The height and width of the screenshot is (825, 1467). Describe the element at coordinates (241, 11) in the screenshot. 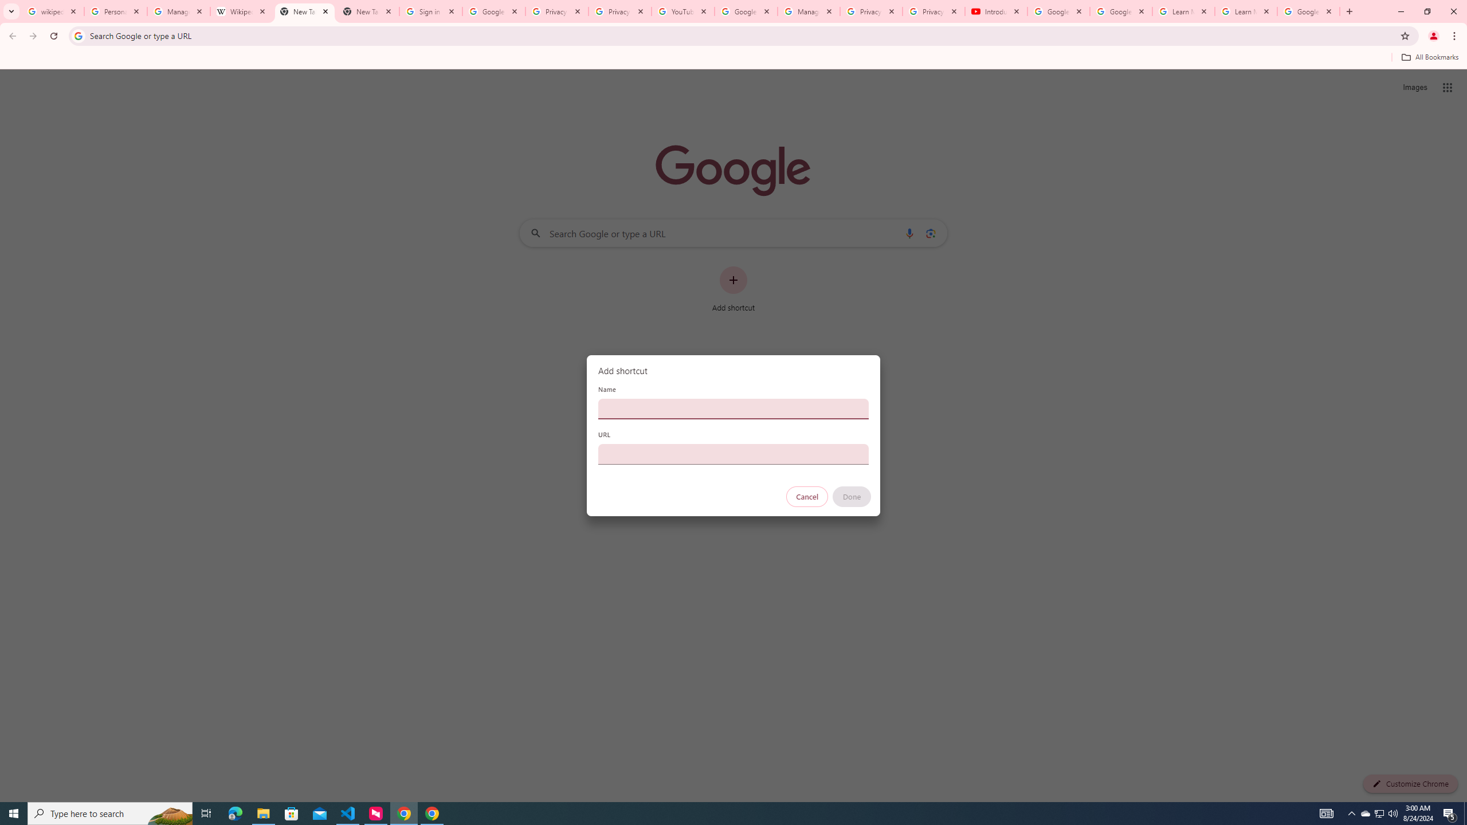

I see `'Wikipedia:Edit requests - Wikipedia'` at that location.